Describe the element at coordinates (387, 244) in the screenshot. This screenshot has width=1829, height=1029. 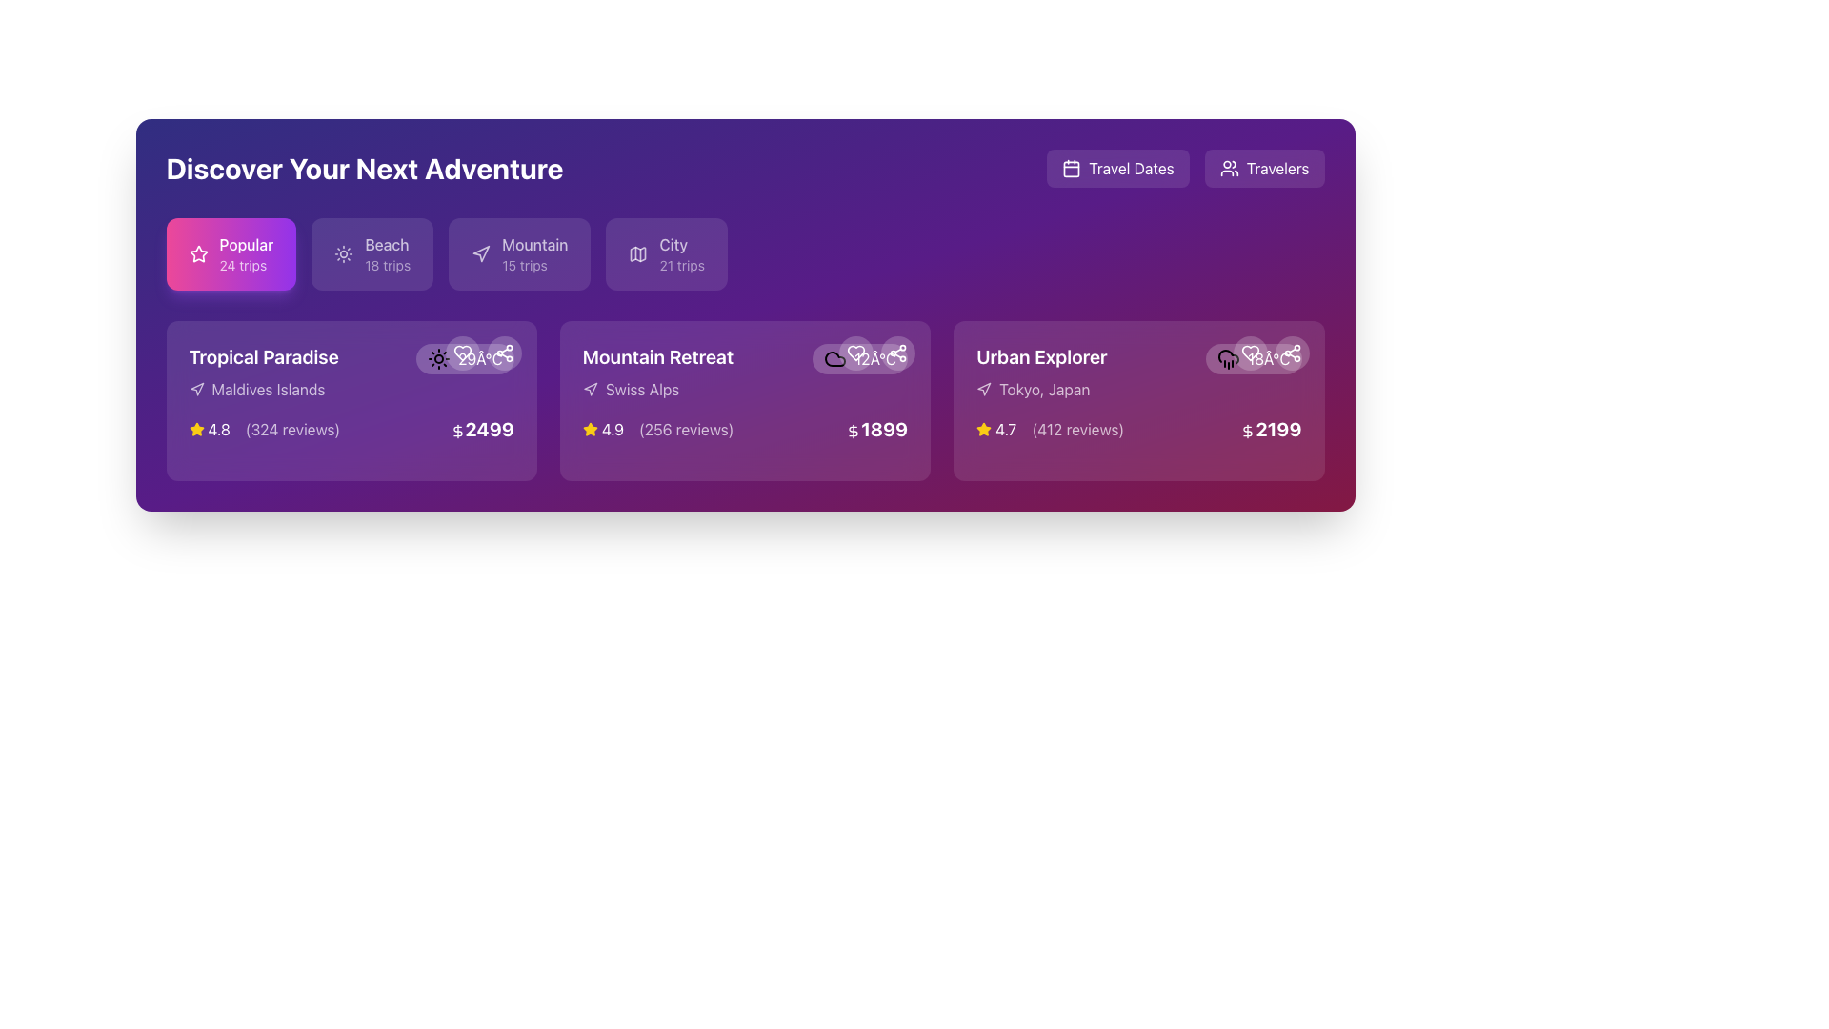
I see `the Static Label displaying 'Beach' with a white color on a purple background, located in the second tile under the 'Discover Your Next Adventure' section` at that location.